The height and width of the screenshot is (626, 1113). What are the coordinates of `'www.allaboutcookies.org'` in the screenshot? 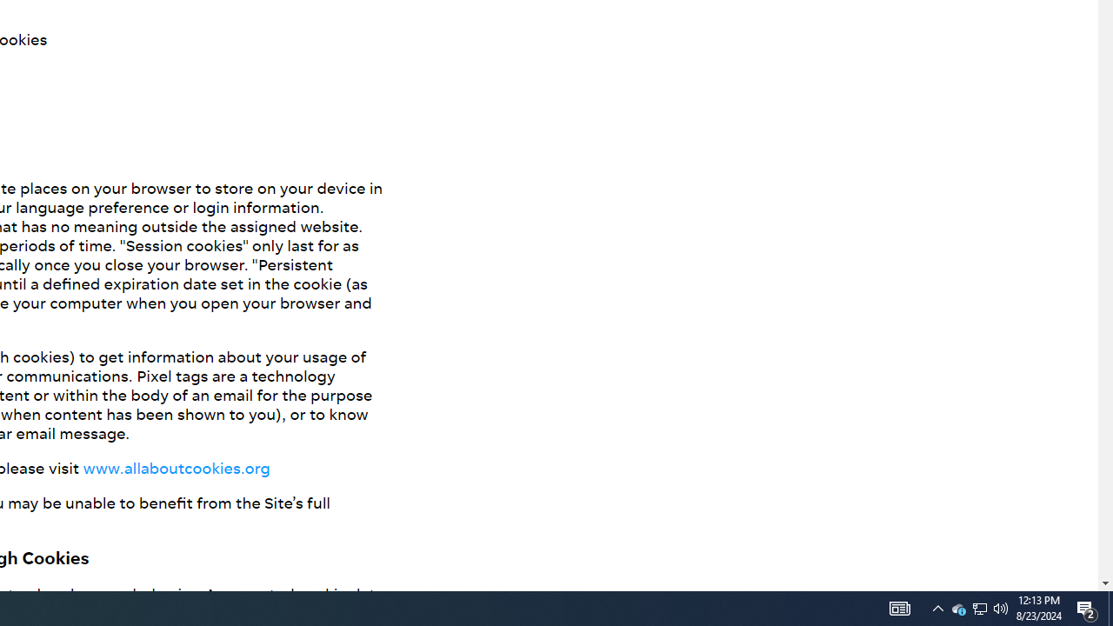 It's located at (176, 466).